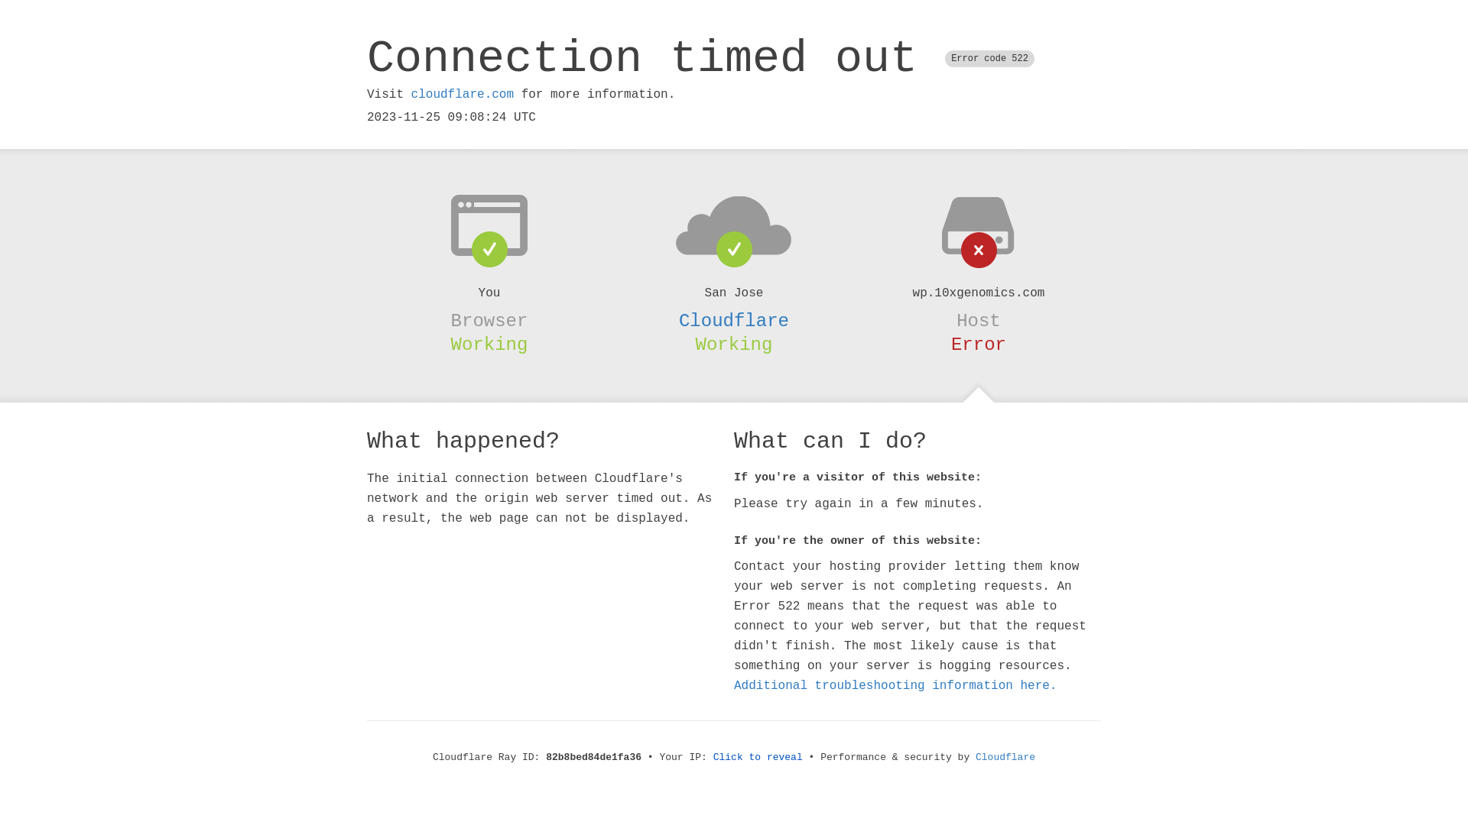  Describe the element at coordinates (461, 94) in the screenshot. I see `'cloudflare.com'` at that location.